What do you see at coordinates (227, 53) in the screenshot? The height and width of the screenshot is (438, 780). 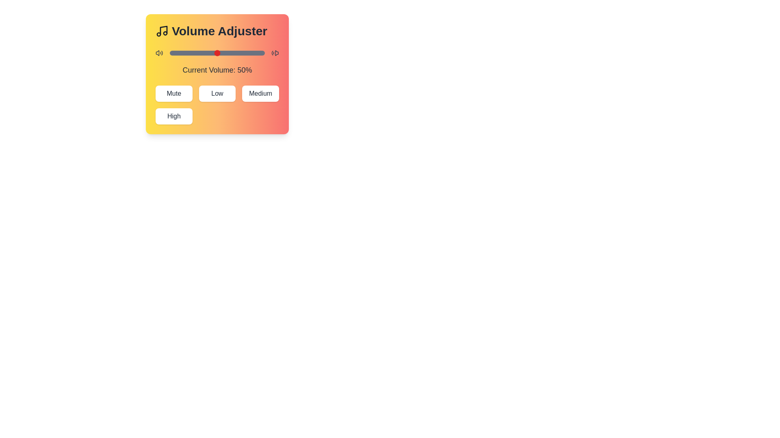 I see `the volume slider to set the volume to 61%` at bounding box center [227, 53].